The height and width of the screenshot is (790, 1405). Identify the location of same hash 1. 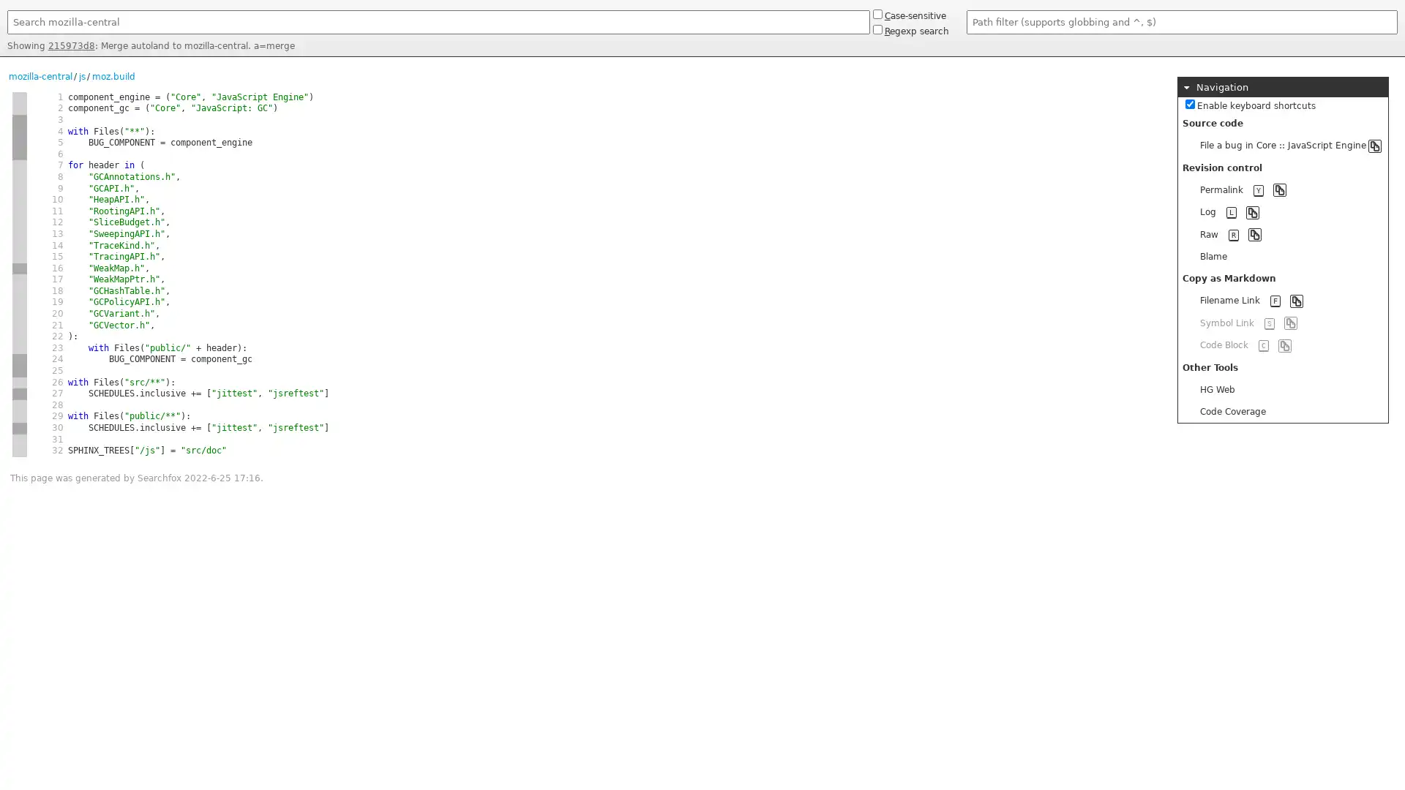
(20, 188).